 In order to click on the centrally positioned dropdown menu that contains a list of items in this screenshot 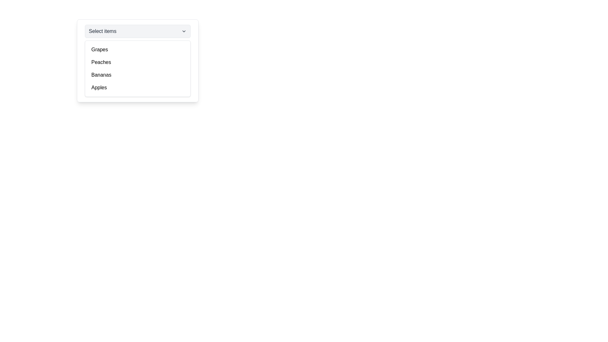, I will do `click(137, 61)`.